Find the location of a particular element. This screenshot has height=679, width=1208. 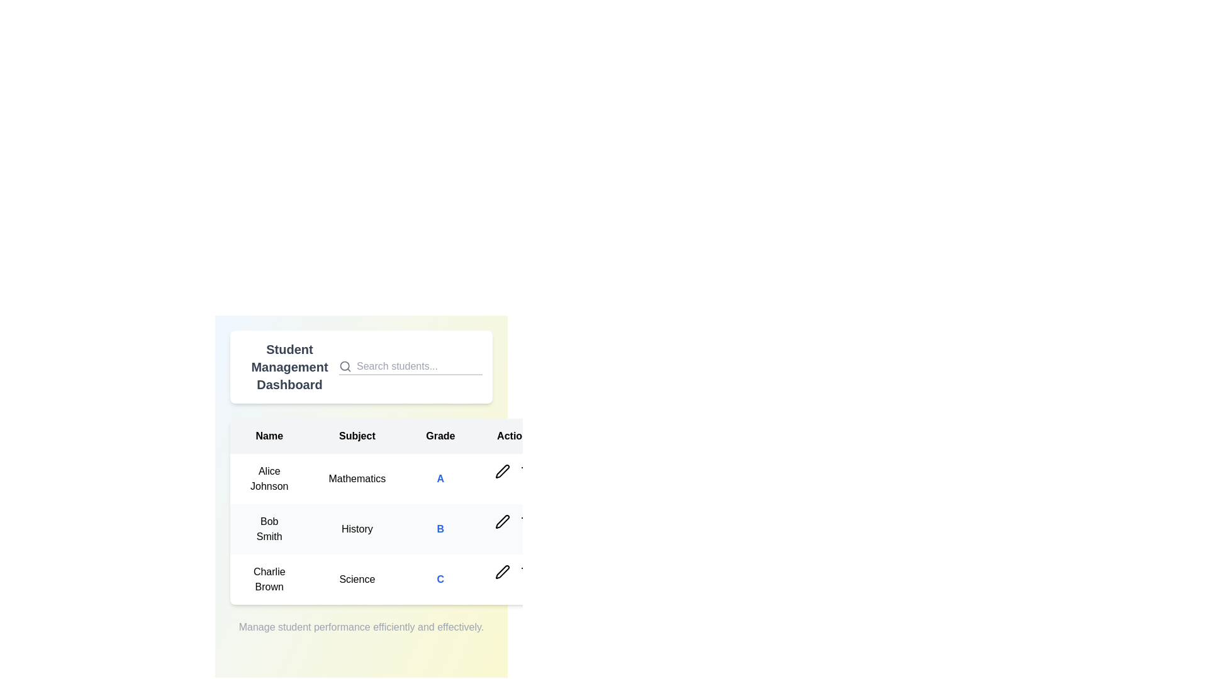

the static text displaying the grade assigned to student 'Alice Johnson' for the subject 'Mathematics' is located at coordinates (440, 479).